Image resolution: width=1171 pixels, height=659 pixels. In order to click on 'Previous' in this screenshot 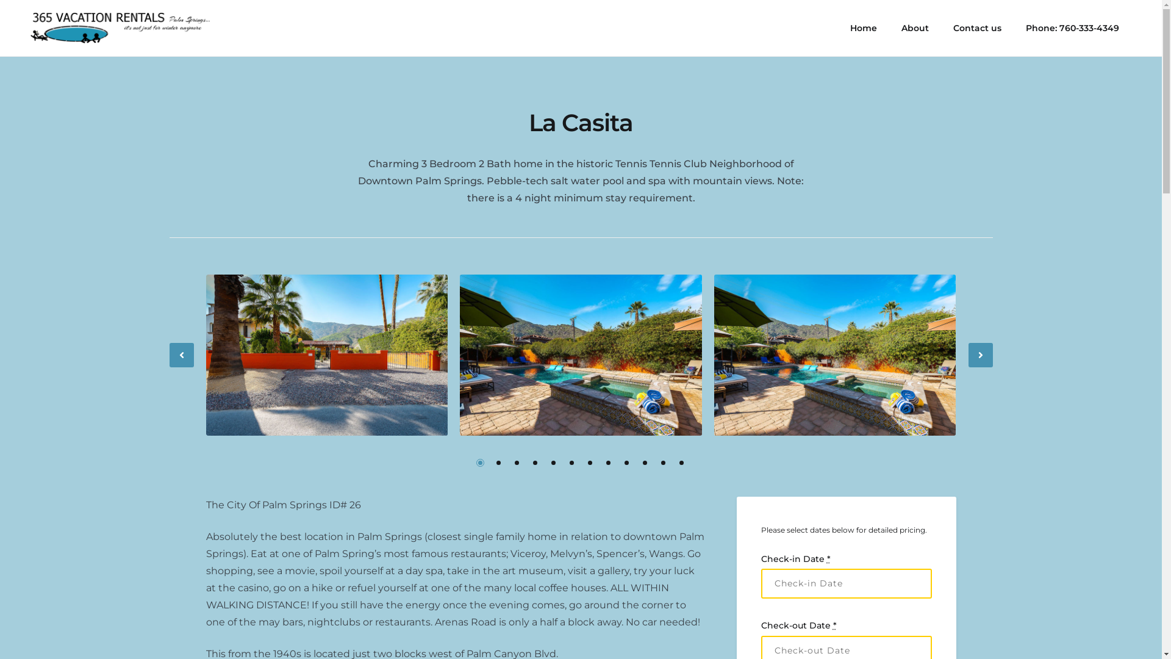, I will do `click(181, 355)`.